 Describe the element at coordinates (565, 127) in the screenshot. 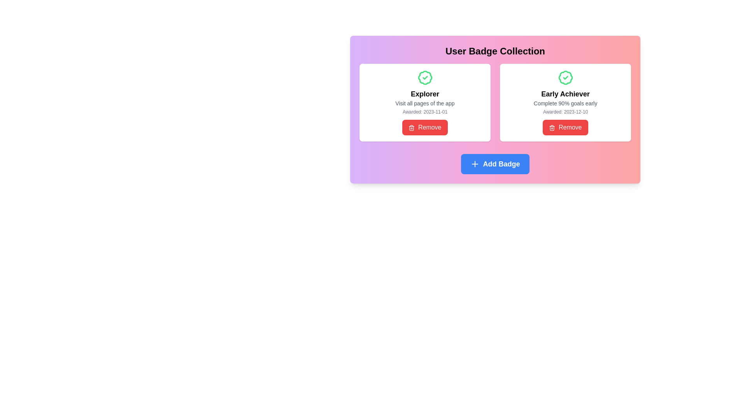

I see `the prominent red button labeled 'Remove' with a trash can icon, located at the bottom of the 'Early Achiever' badge card` at that location.